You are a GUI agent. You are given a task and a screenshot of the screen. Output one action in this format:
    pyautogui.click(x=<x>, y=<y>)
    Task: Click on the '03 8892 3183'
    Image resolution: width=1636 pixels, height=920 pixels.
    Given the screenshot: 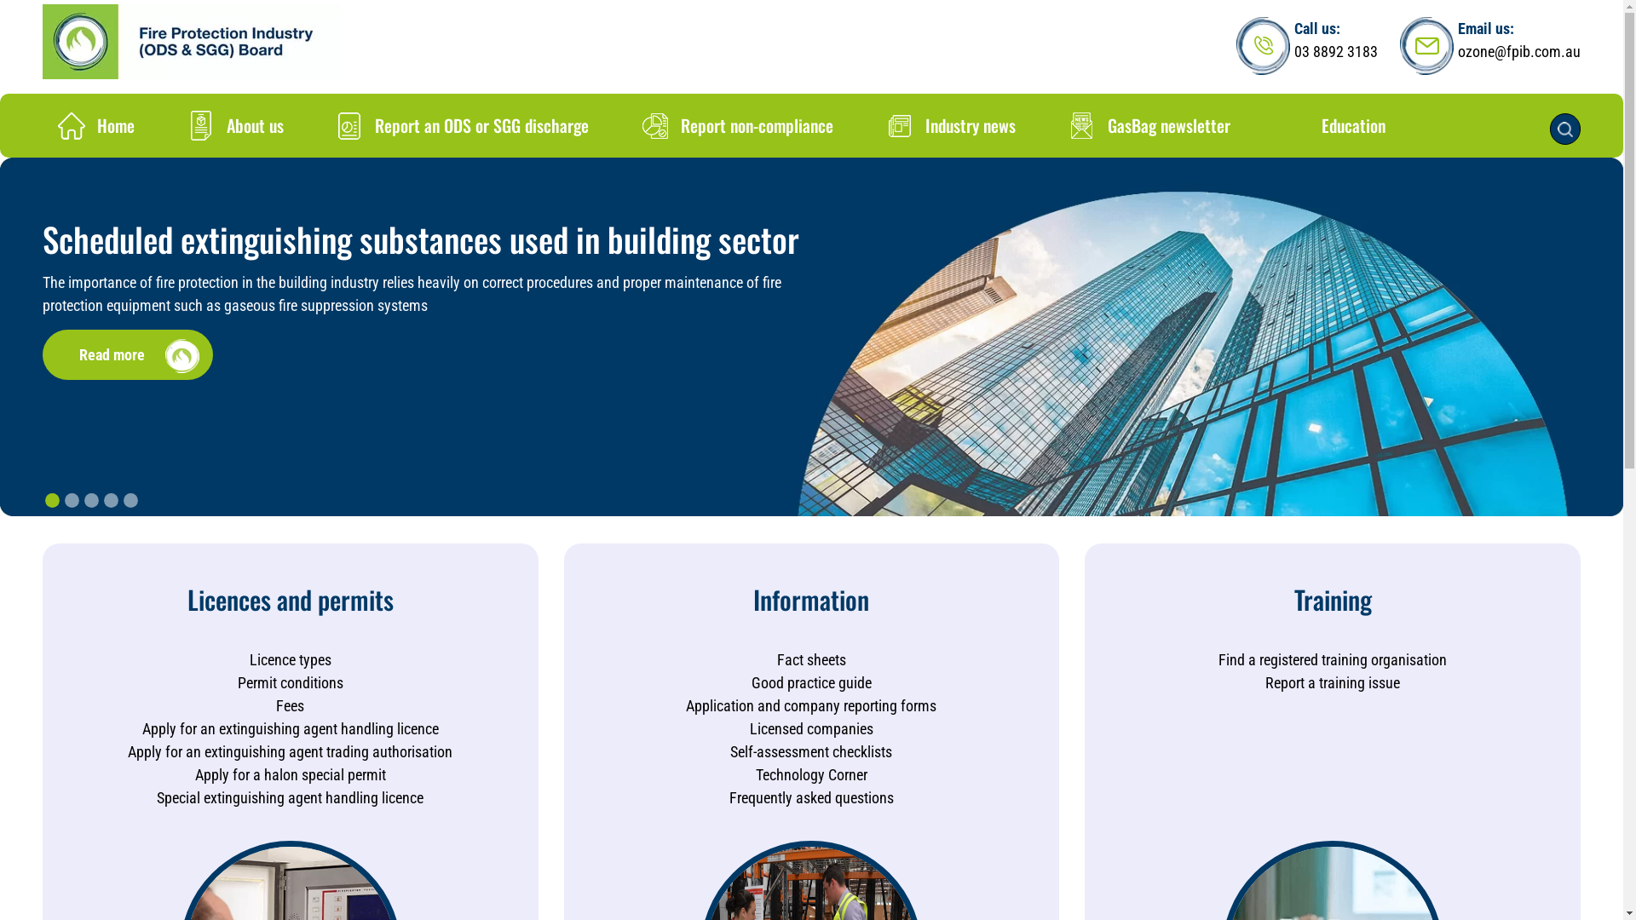 What is the action you would take?
    pyautogui.click(x=1335, y=50)
    